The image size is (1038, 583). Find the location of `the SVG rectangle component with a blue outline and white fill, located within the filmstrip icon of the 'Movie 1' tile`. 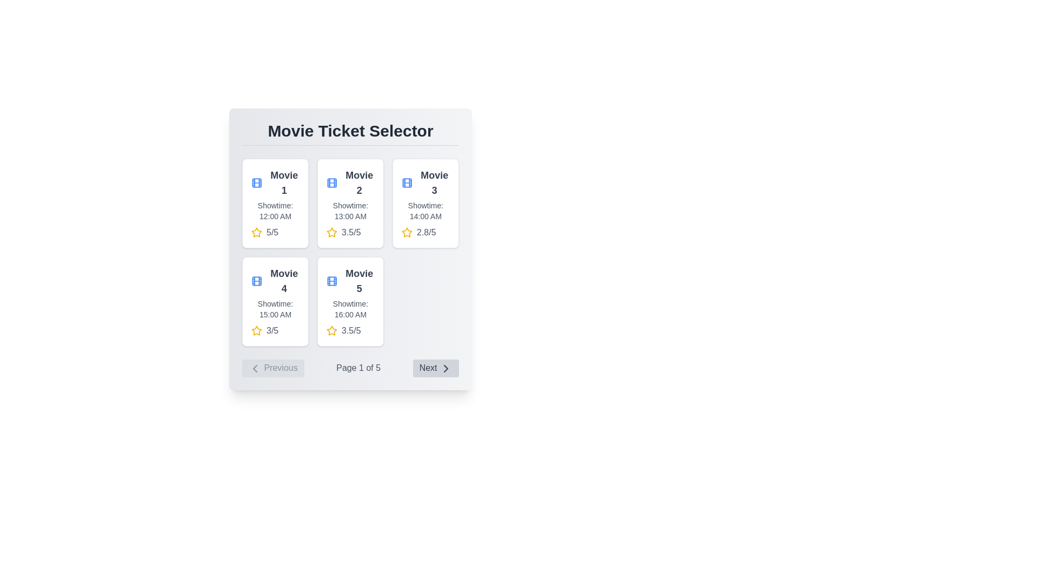

the SVG rectangle component with a blue outline and white fill, located within the filmstrip icon of the 'Movie 1' tile is located at coordinates (331, 280).